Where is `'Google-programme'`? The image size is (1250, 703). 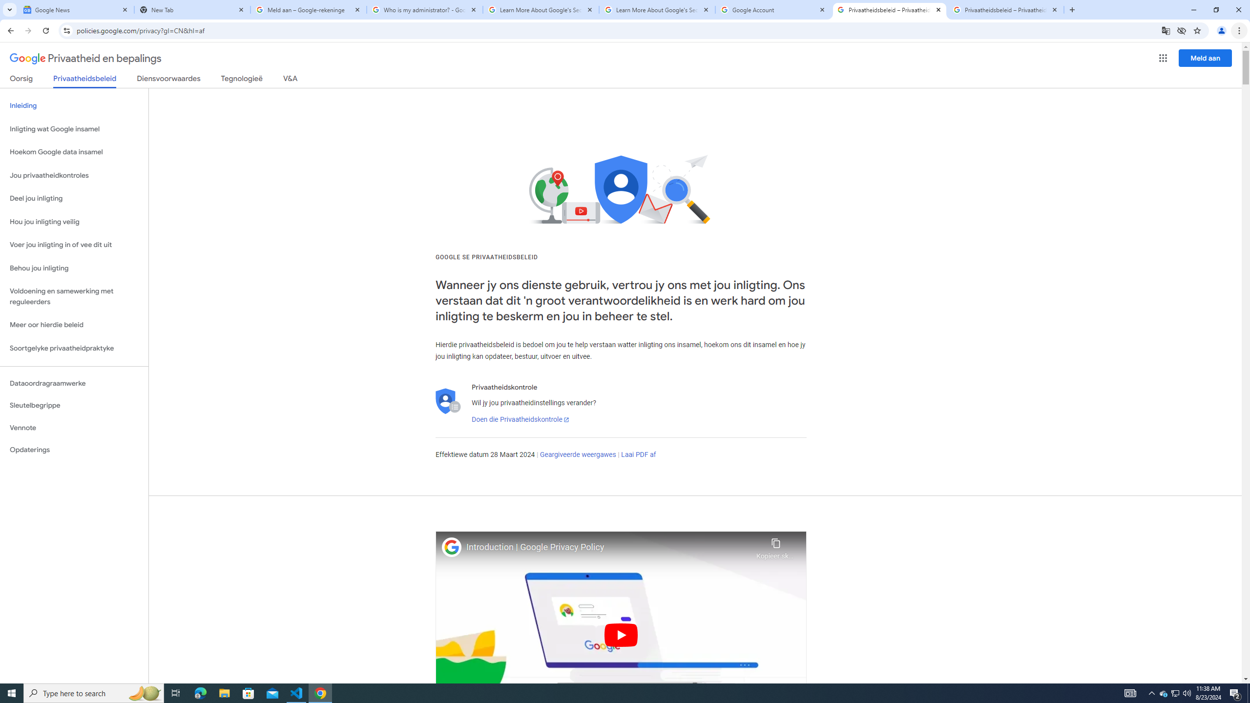 'Google-programme' is located at coordinates (1163, 58).